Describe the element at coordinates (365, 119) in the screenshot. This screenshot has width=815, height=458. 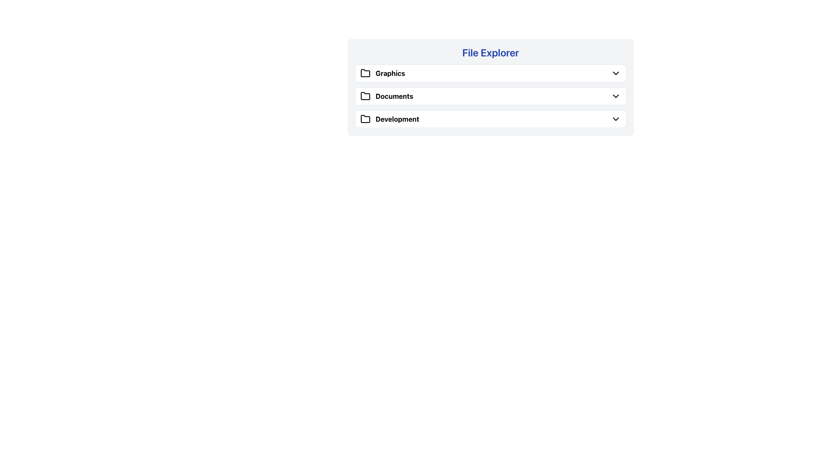
I see `the 'Development' folder icon` at that location.